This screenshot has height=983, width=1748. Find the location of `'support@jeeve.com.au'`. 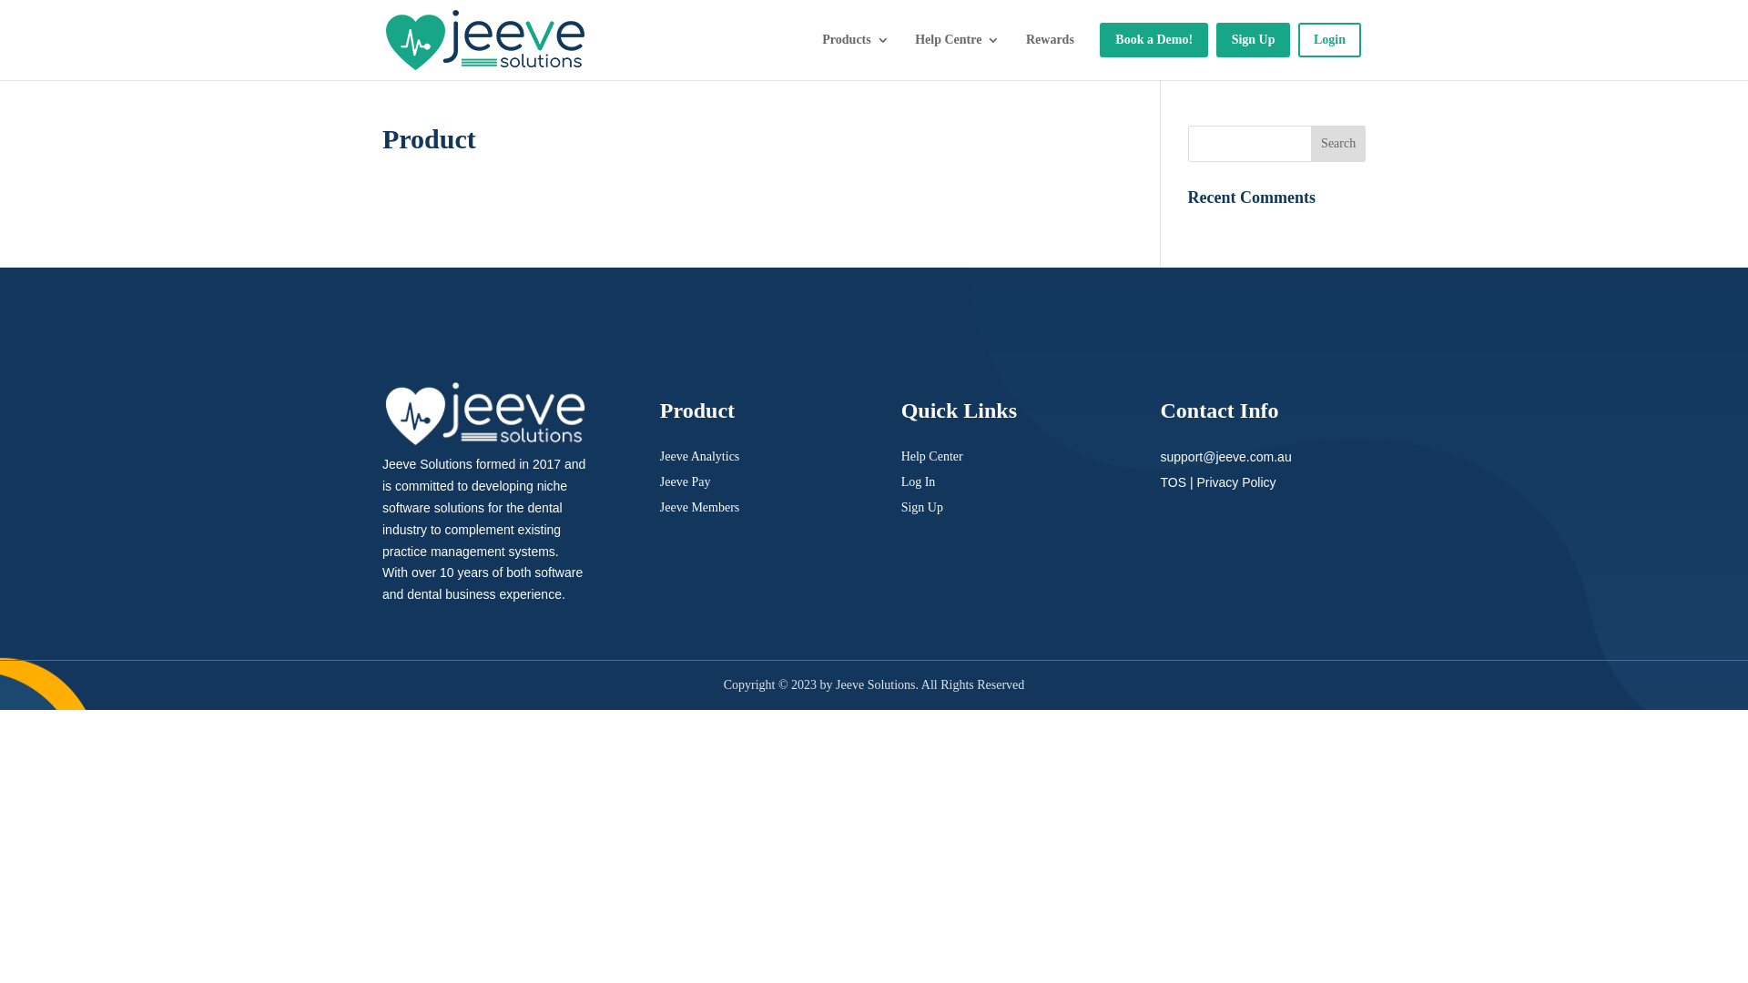

'support@jeeve.com.au' is located at coordinates (1225, 455).